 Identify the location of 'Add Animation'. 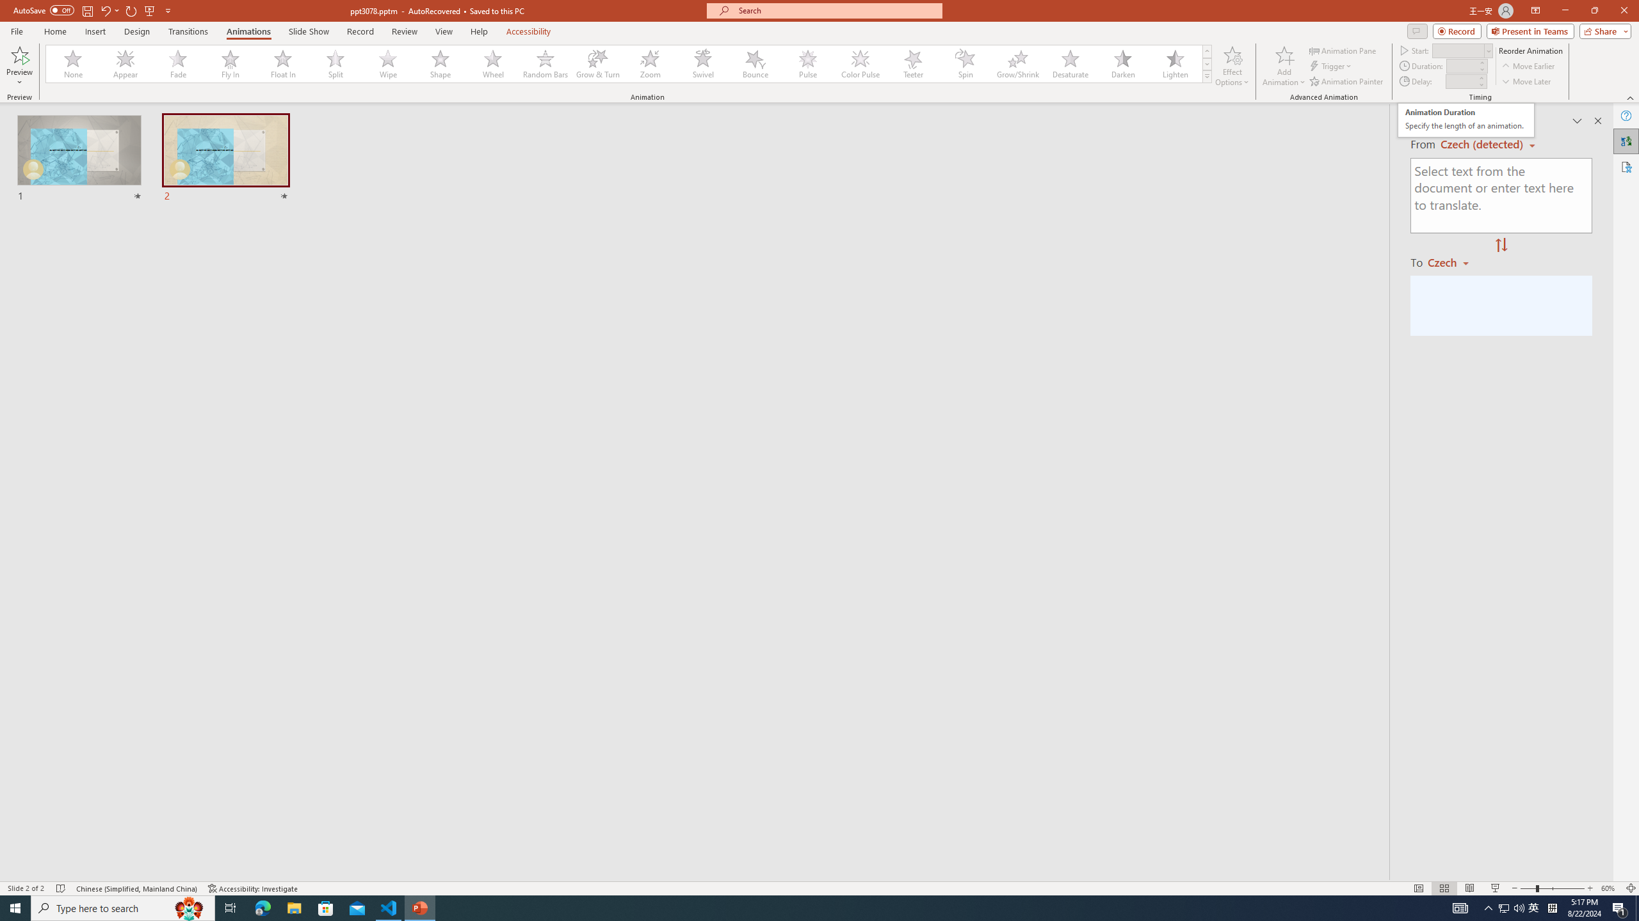
(1284, 66).